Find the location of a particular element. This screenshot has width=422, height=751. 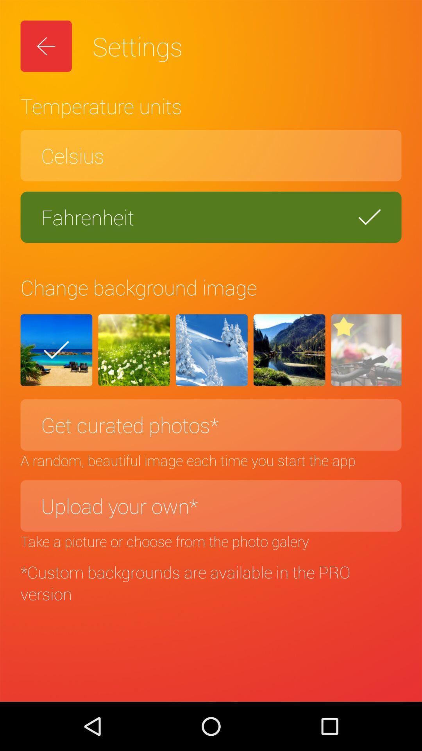

icon below change background image icon is located at coordinates (56, 350).